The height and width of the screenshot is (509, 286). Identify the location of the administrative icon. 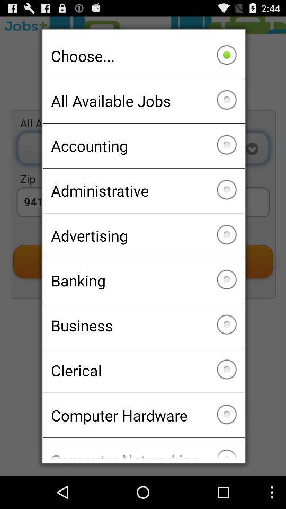
(143, 190).